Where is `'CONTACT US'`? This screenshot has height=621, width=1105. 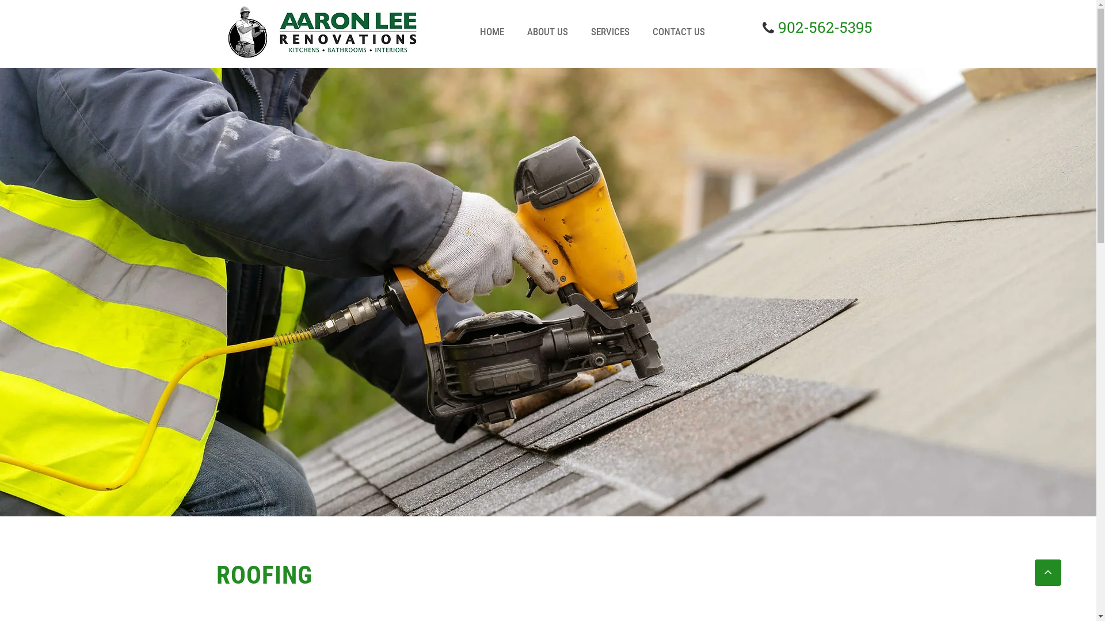 'CONTACT US' is located at coordinates (679, 31).